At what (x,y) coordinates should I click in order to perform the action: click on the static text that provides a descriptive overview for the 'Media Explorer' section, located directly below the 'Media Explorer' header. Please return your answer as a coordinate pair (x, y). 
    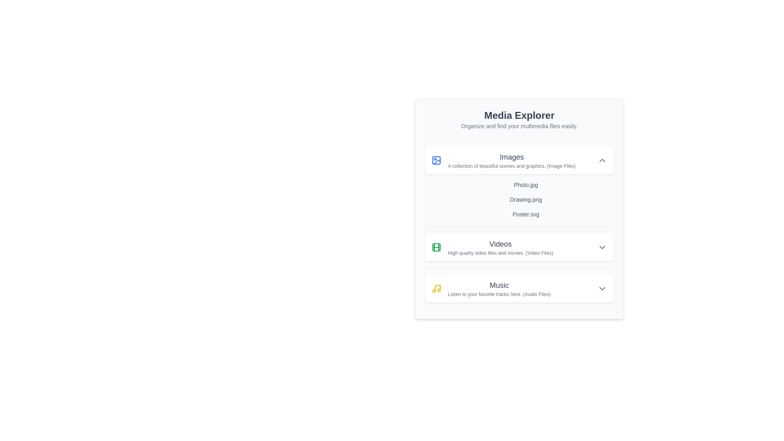
    Looking at the image, I should click on (519, 126).